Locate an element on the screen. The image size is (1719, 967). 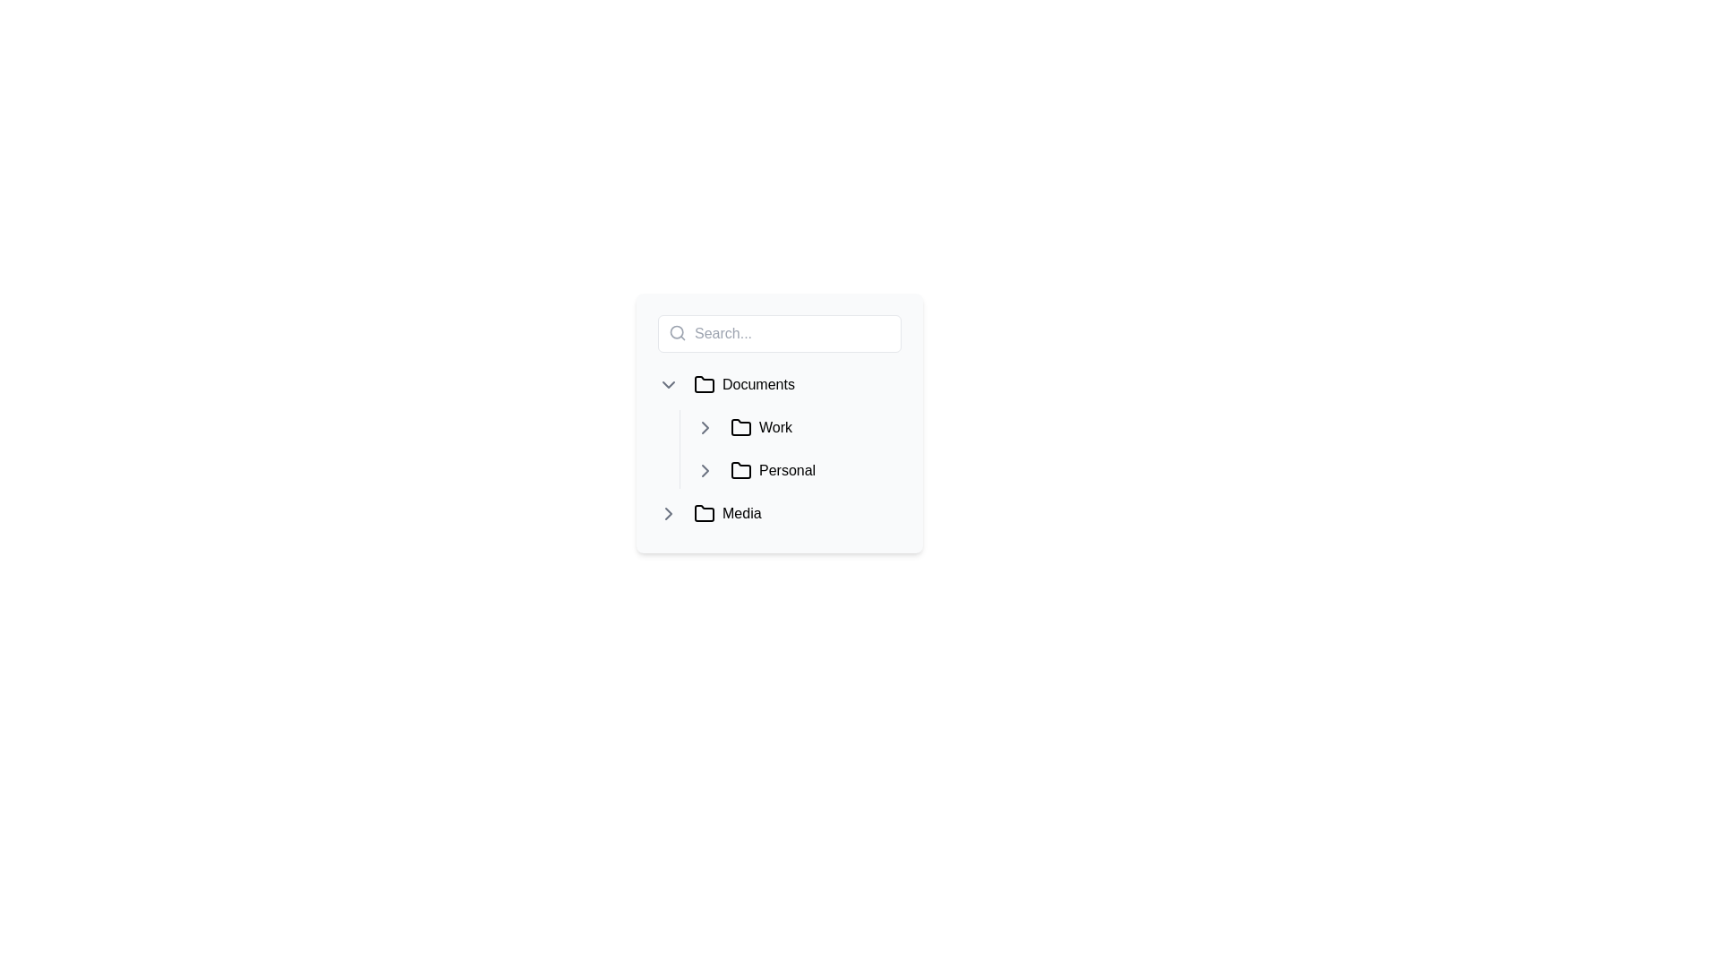
the folder icon in the 'Documents' navigation list, which is styled with a minimalistic outline design and is black in color, indicating its non-active state is located at coordinates (704, 382).